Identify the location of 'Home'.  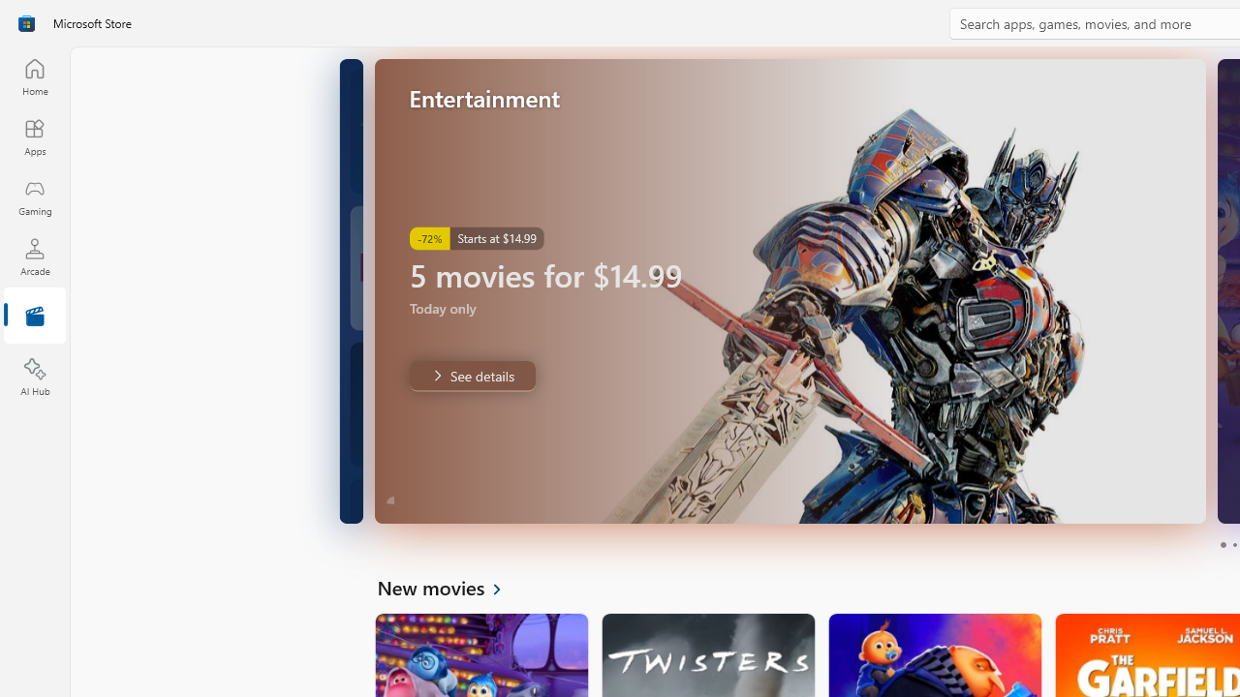
(34, 76).